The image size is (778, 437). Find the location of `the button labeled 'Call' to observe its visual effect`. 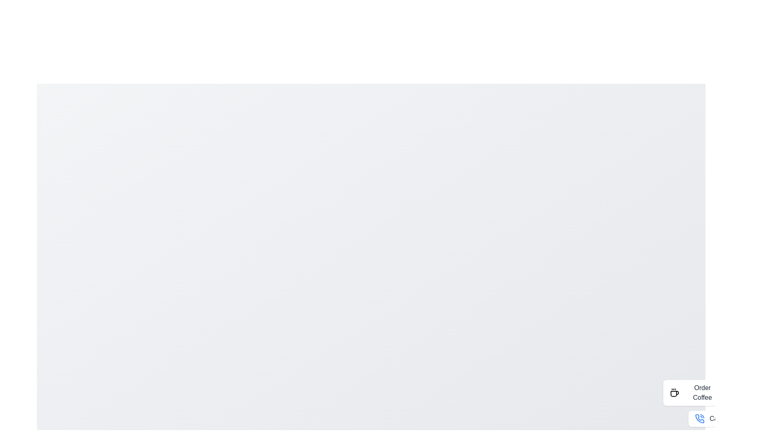

the button labeled 'Call' to observe its visual effect is located at coordinates (707, 418).